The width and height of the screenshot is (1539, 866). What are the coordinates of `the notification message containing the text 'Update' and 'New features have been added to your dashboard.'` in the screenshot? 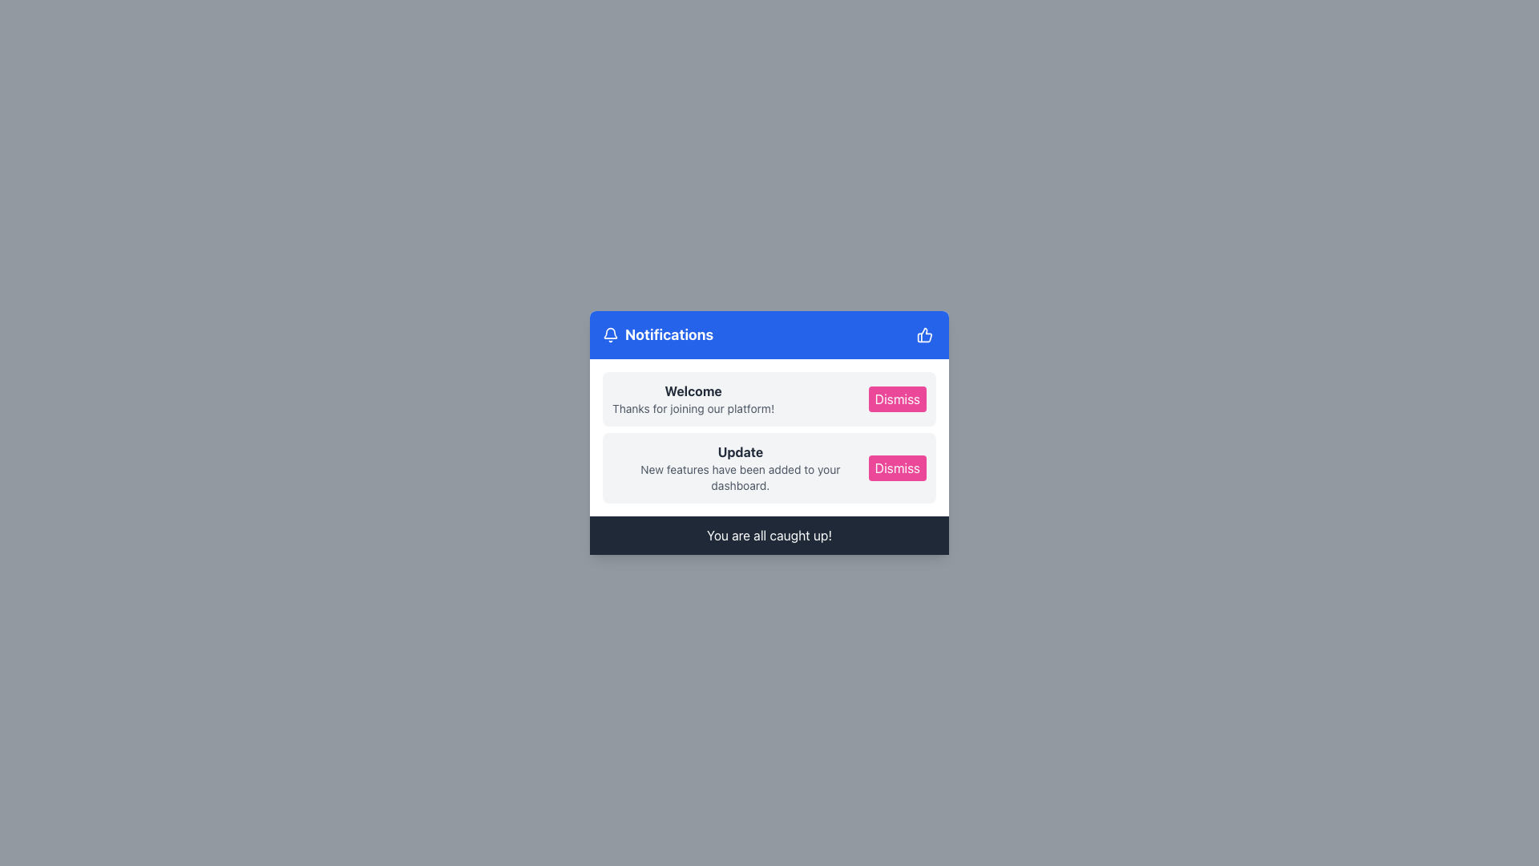 It's located at (739, 467).